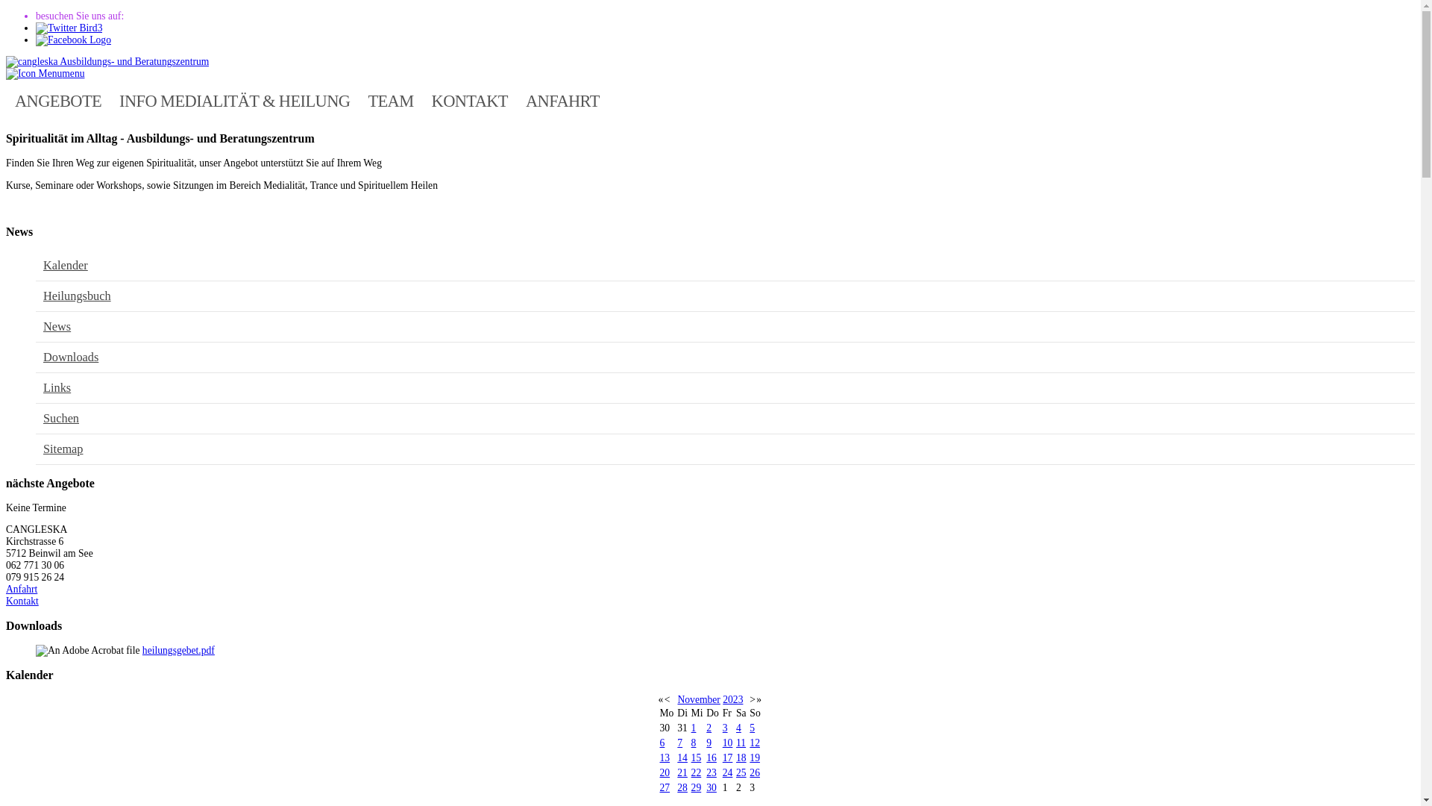  I want to click on '17', so click(723, 757).